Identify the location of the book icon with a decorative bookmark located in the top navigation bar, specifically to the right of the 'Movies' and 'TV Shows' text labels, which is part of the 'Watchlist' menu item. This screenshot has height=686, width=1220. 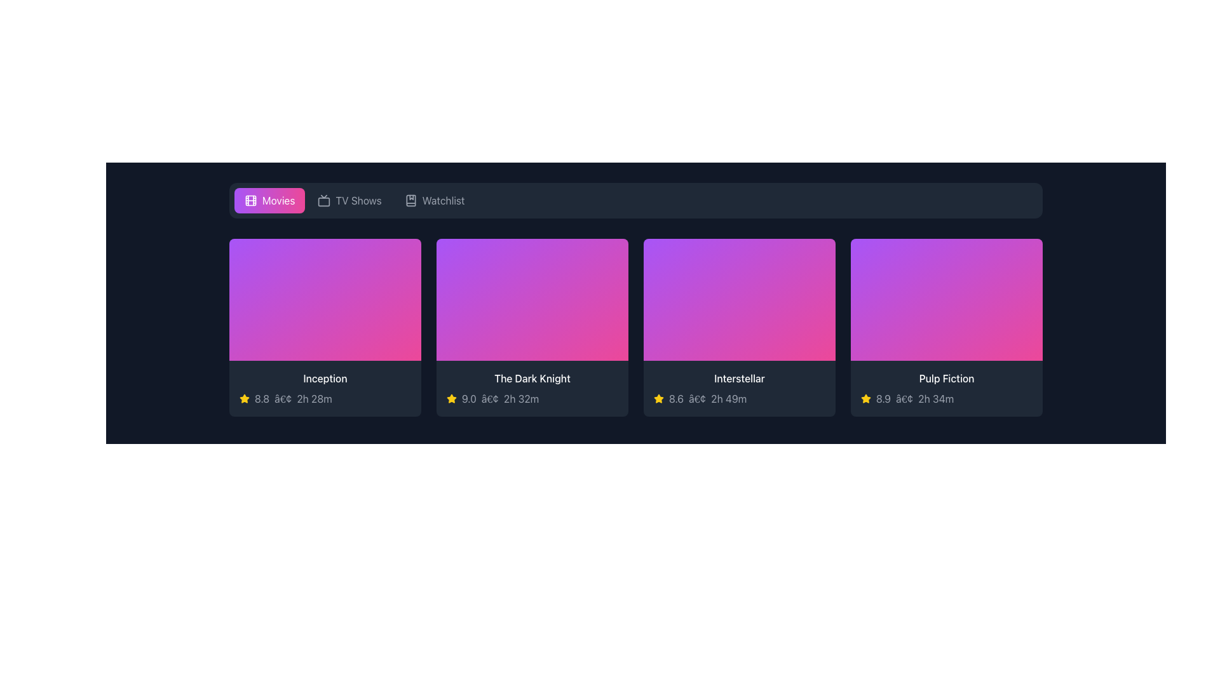
(410, 200).